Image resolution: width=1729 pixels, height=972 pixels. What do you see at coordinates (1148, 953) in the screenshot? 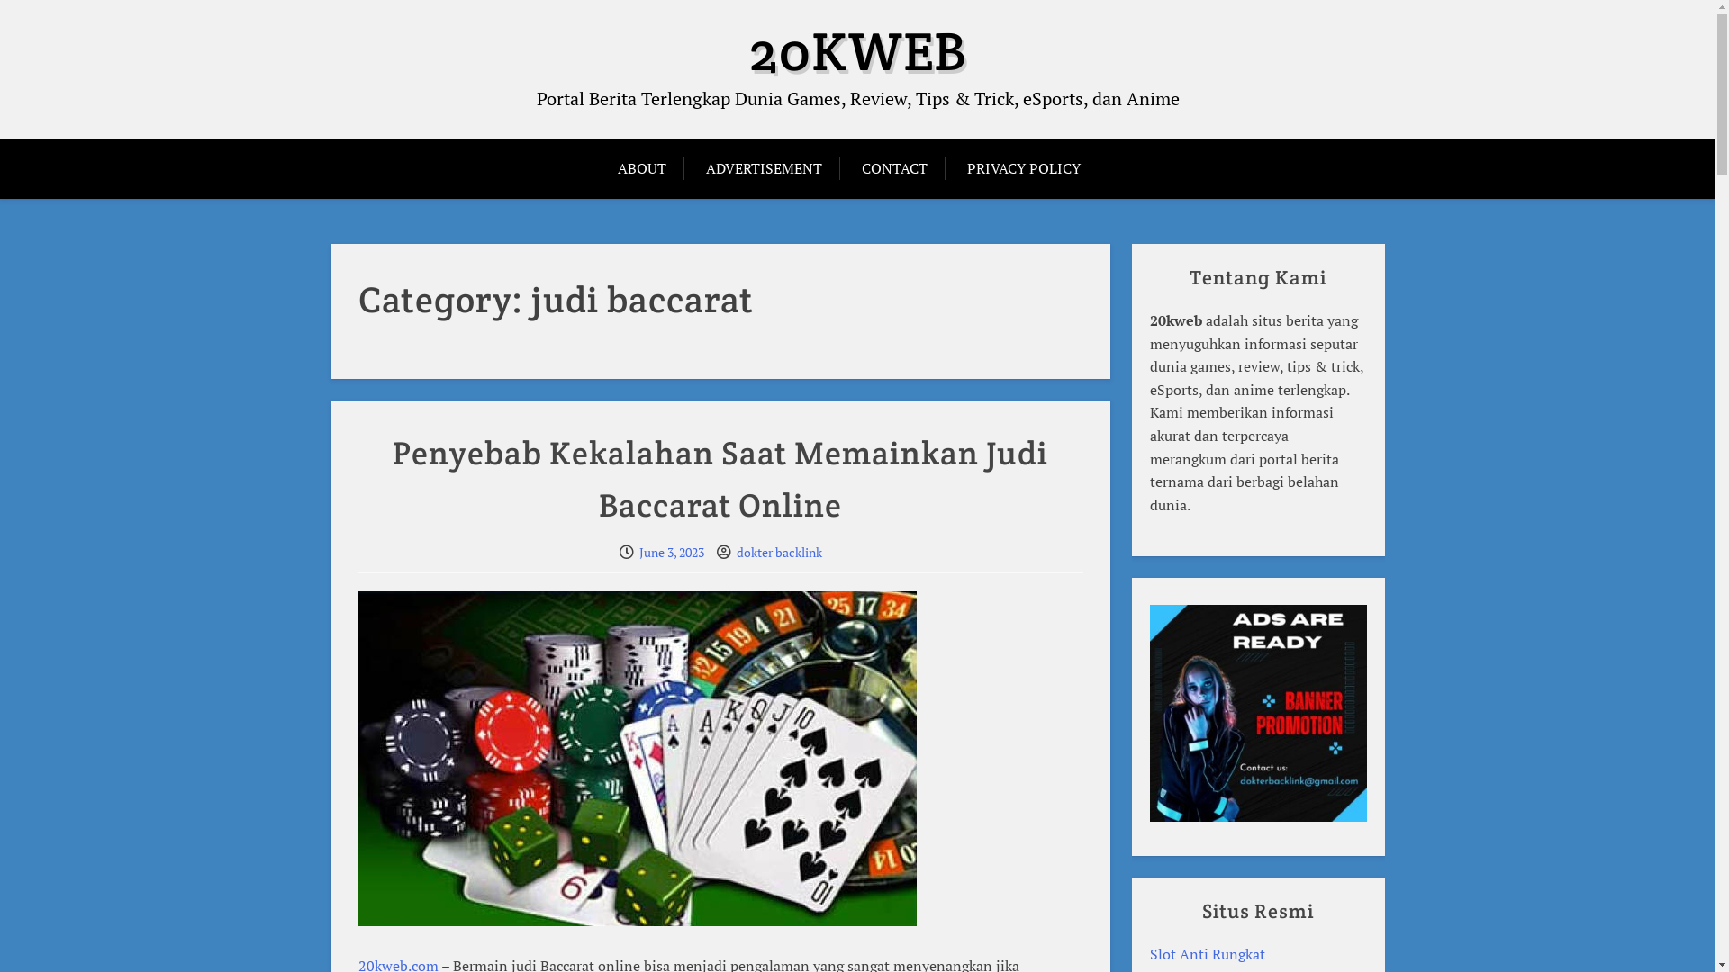
I see `'Slot Anti Rungkat'` at bounding box center [1148, 953].